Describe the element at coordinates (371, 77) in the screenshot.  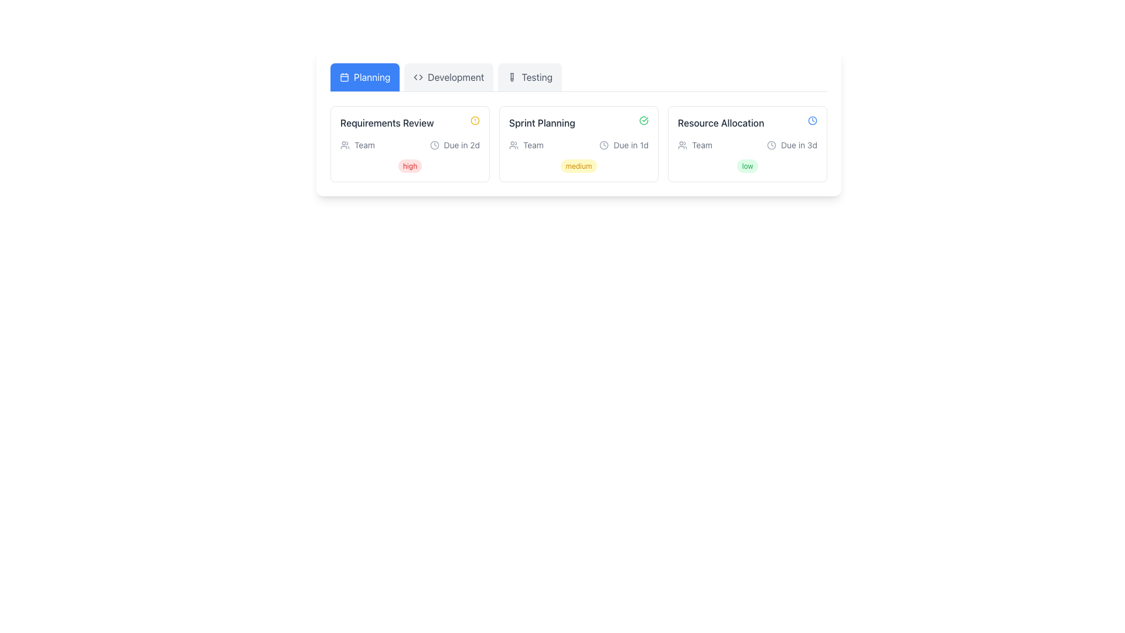
I see `the 'Planning' tab label, which is the first tab in the horizontal tab header located at the top-left, to trigger tooltip or highlight effects` at that location.